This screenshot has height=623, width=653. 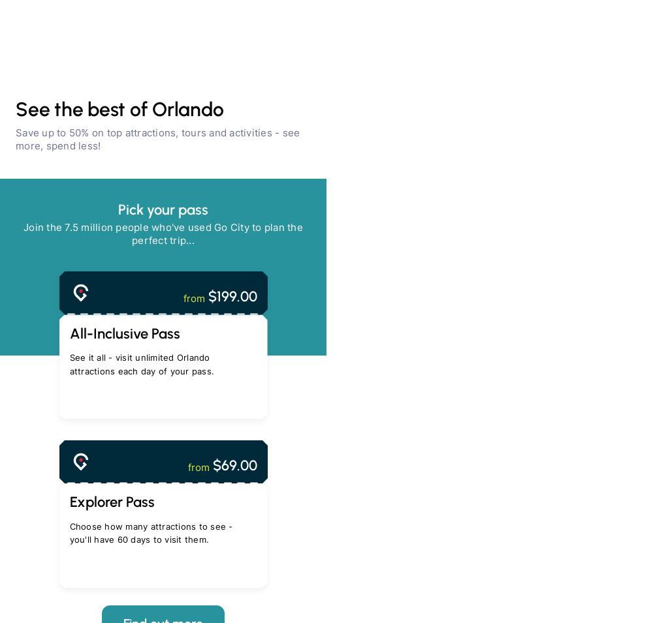 What do you see at coordinates (75, 533) in the screenshot?
I see `'One price. One pass. All the top attractions, all on your phone.'` at bounding box center [75, 533].